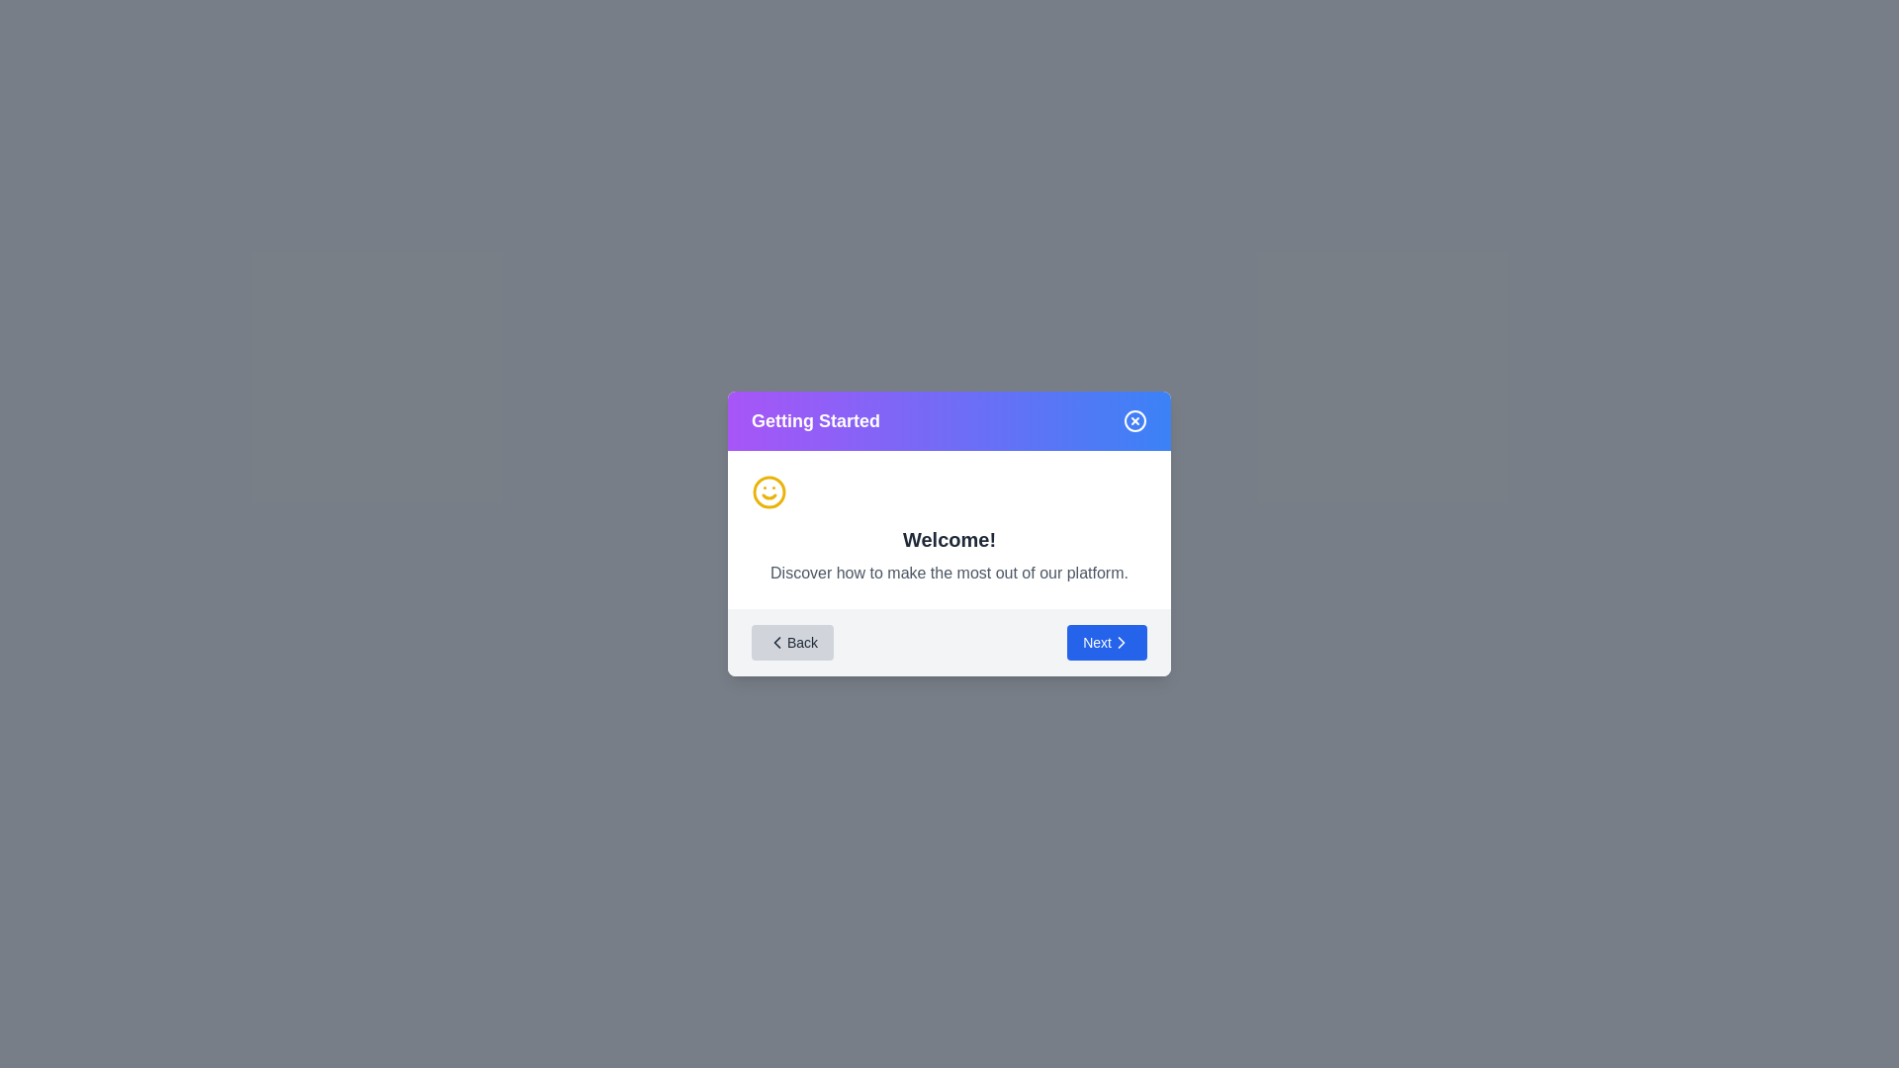  I want to click on the welcoming Text label that greets the user, positioned below the smiley icon and above the descriptive text block, so click(949, 540).